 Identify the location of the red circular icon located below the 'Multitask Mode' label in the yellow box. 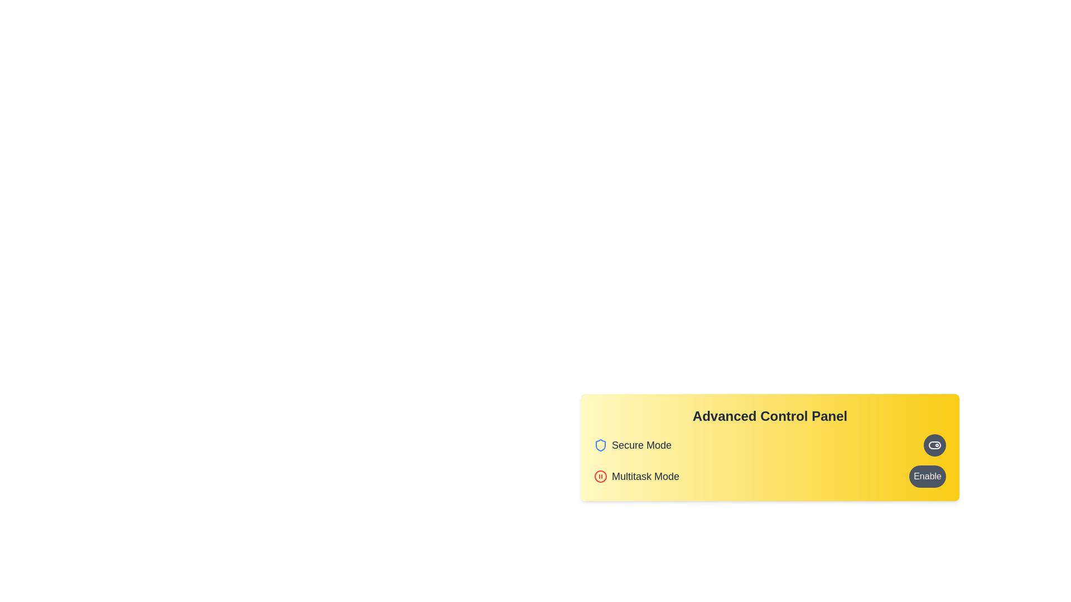
(600, 477).